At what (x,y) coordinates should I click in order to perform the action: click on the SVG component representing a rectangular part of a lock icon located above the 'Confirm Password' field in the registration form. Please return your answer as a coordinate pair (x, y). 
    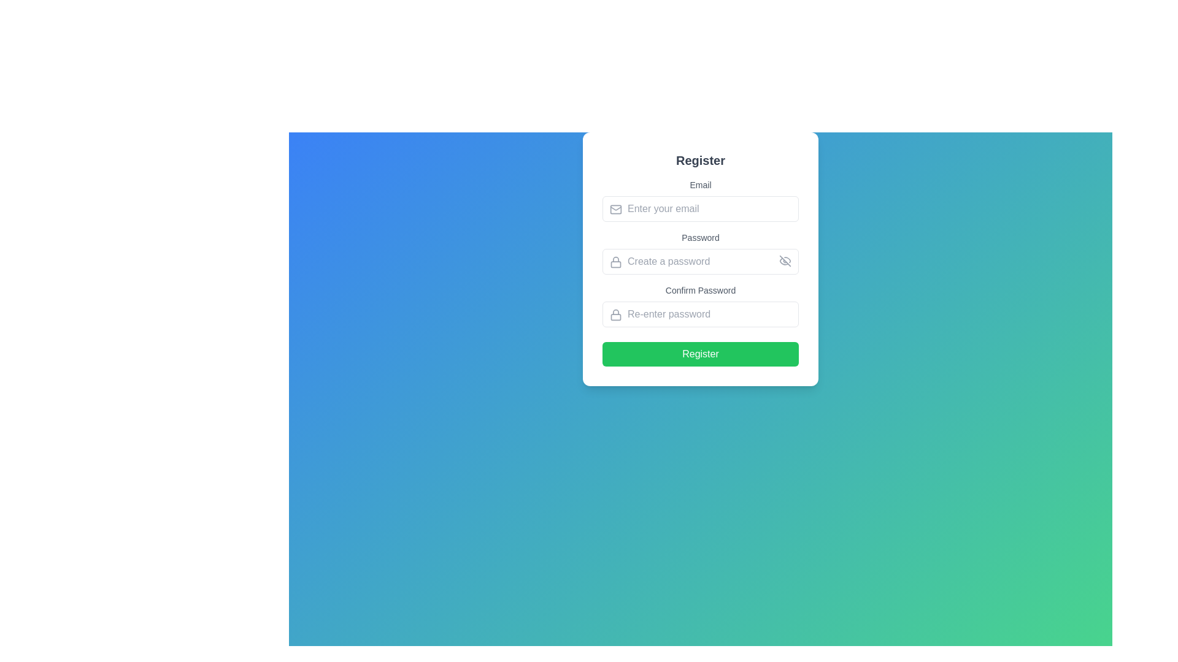
    Looking at the image, I should click on (615, 316).